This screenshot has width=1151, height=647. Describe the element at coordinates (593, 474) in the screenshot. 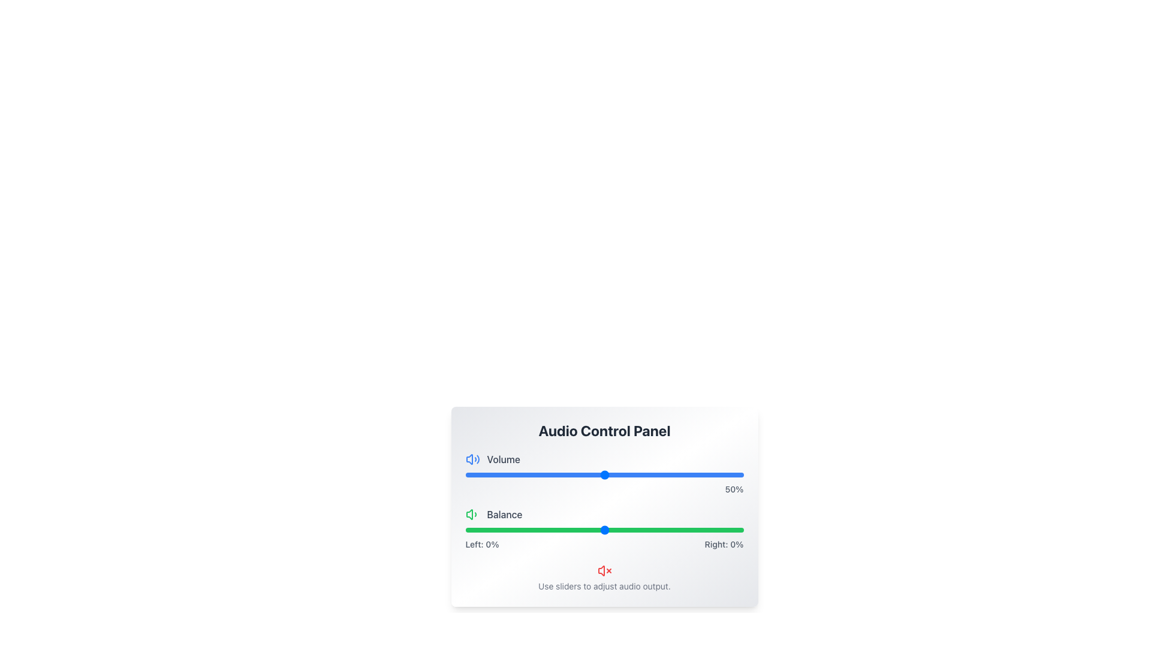

I see `the volume` at that location.